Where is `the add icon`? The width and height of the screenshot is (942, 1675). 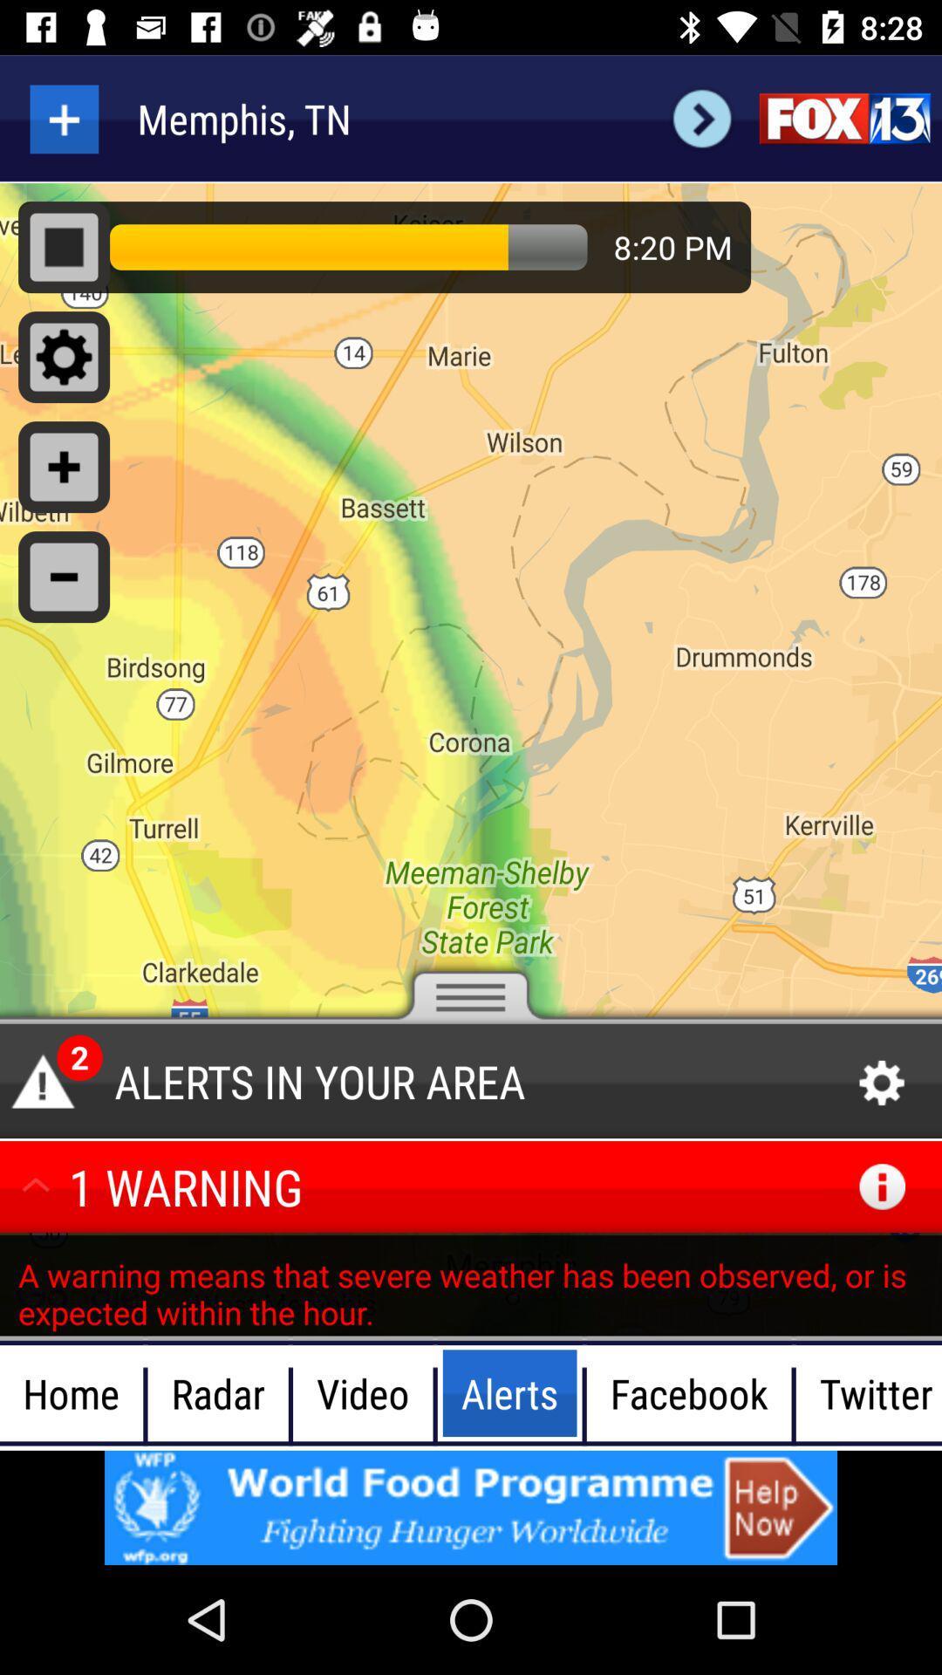
the add icon is located at coordinates (63, 118).